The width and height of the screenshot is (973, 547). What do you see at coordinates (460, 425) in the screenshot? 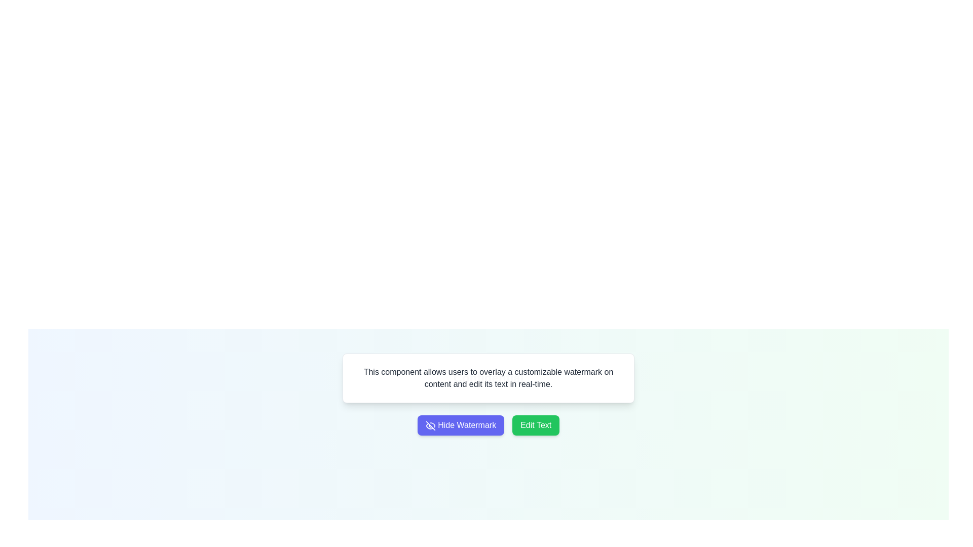
I see `the button that hides the watermark, located to the left of the 'Edit Text' green button` at bounding box center [460, 425].